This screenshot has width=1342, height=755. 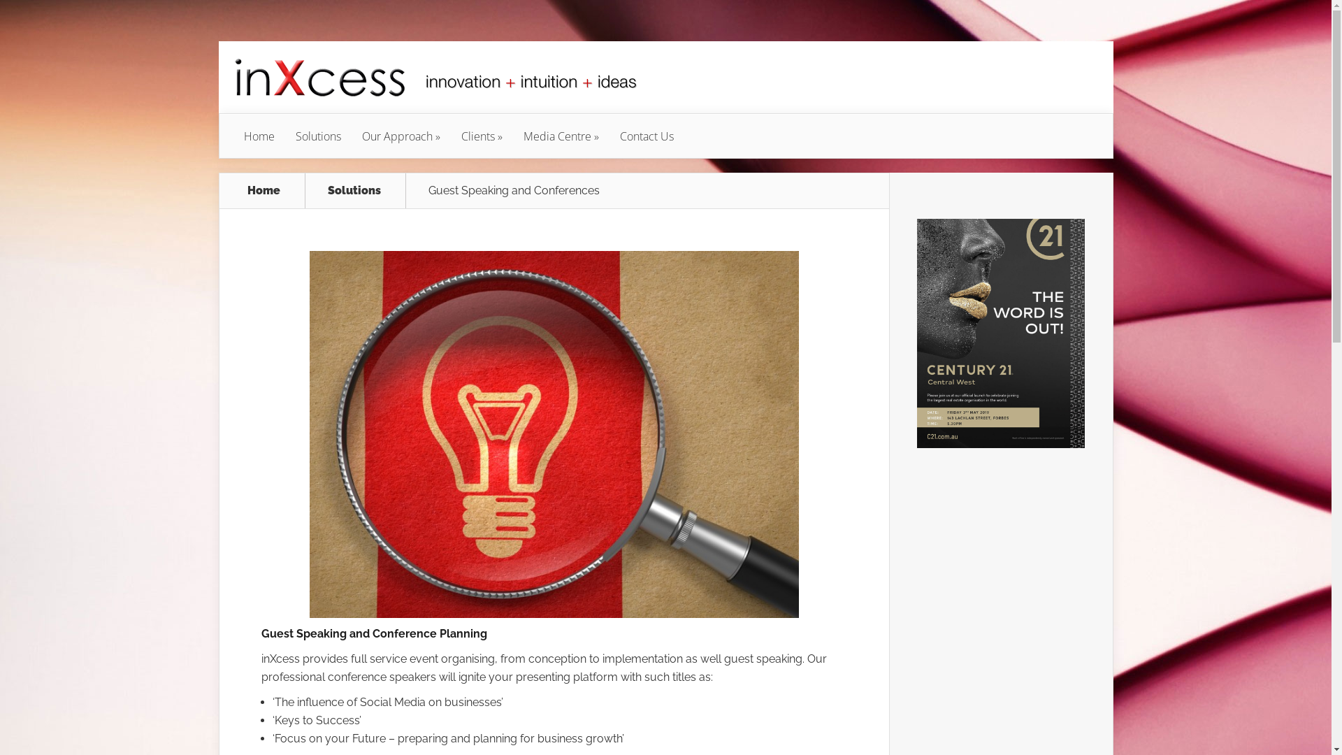 What do you see at coordinates (362, 191) in the screenshot?
I see `'Solutions'` at bounding box center [362, 191].